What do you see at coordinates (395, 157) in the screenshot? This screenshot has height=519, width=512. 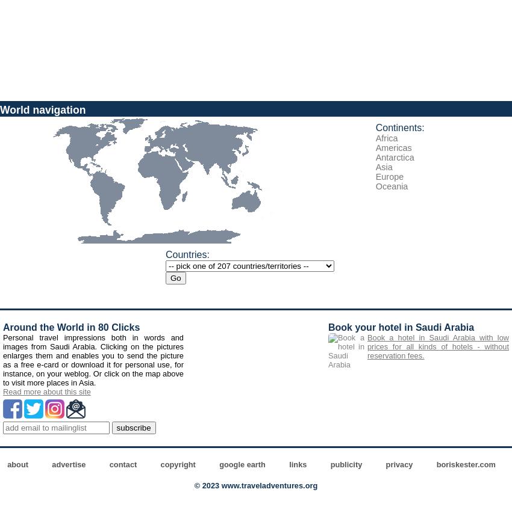 I see `'Antarctica'` at bounding box center [395, 157].